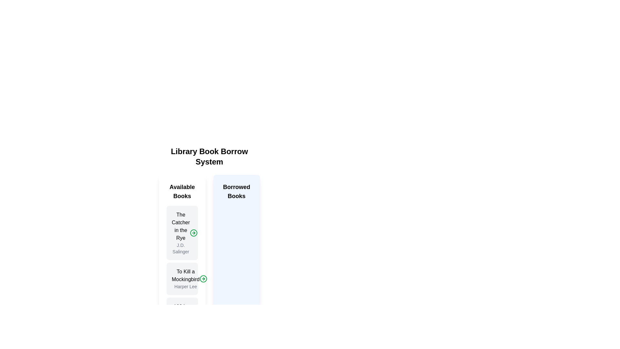 The width and height of the screenshot is (620, 349). What do you see at coordinates (182, 256) in the screenshot?
I see `the white rectangular card titled 'The Catcher in the Rye' by J.D. Salinger, which is the first card in the 'Available Books' section` at bounding box center [182, 256].